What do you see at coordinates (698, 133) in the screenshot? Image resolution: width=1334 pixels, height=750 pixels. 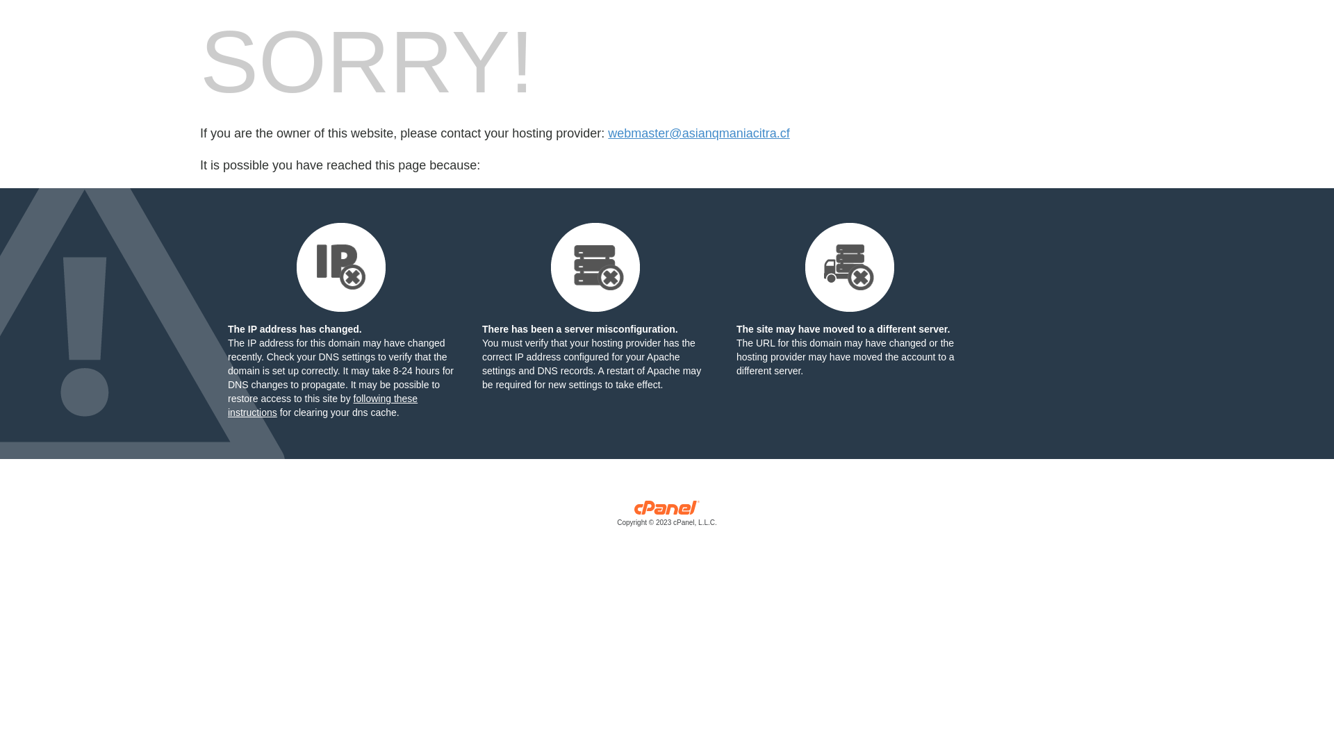 I see `'webmaster@asianqmaniacitra.cf'` at bounding box center [698, 133].